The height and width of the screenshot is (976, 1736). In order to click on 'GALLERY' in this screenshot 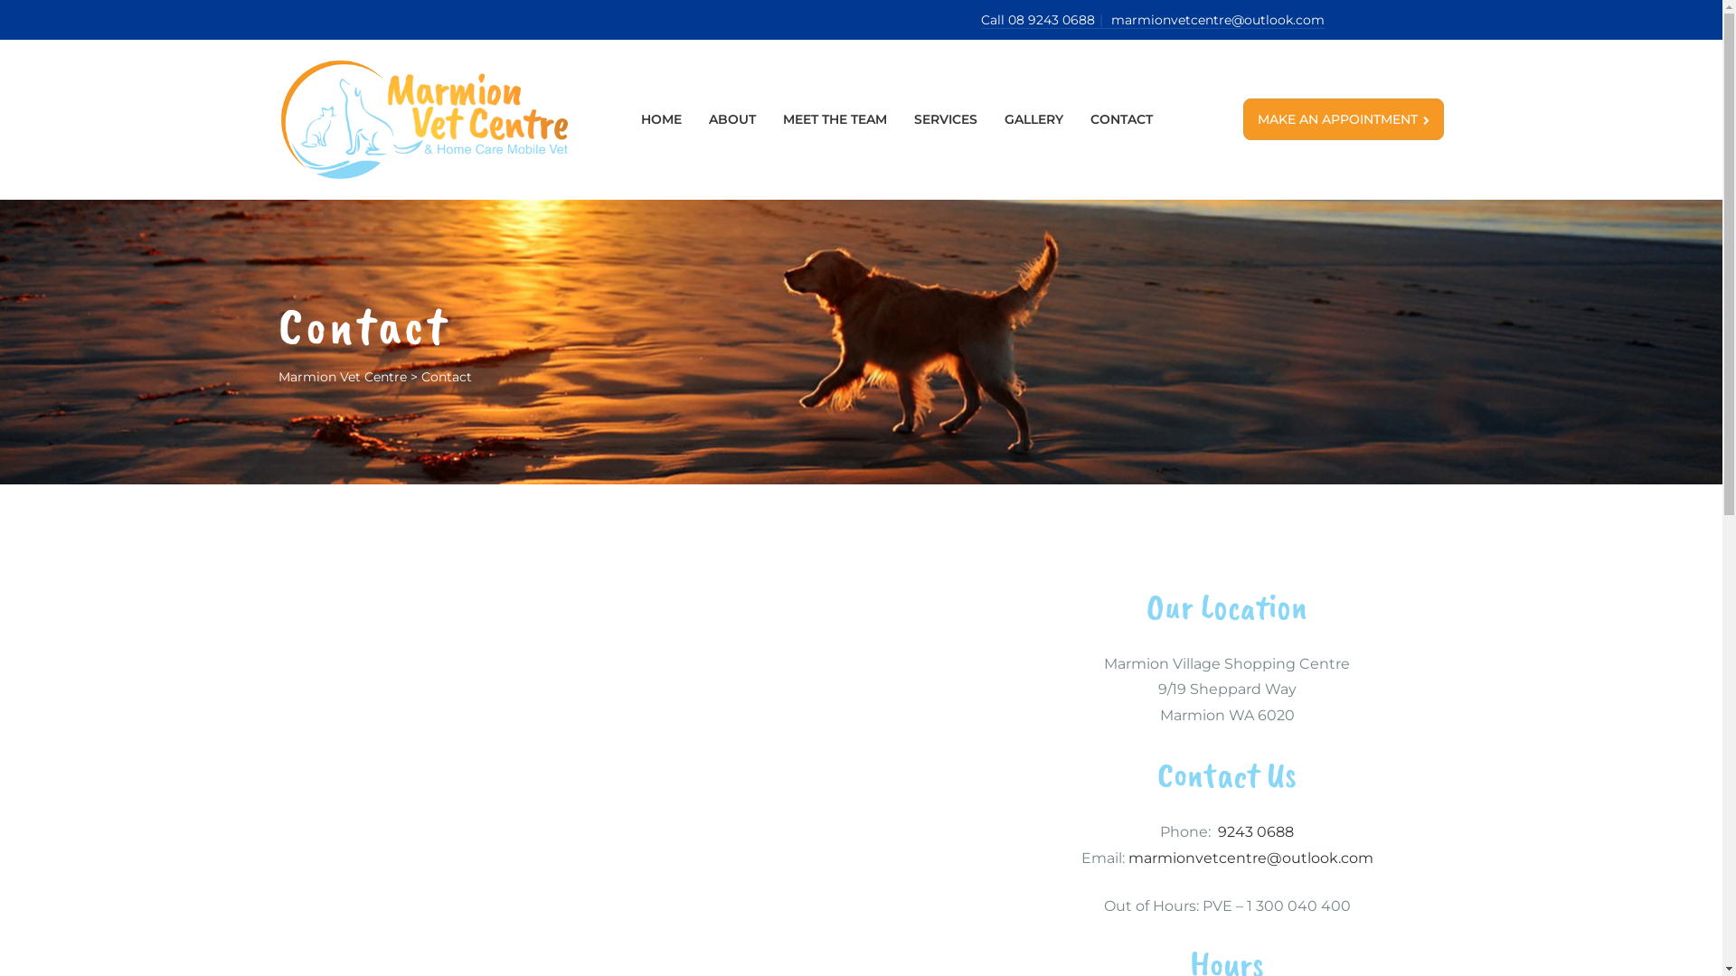, I will do `click(1033, 118)`.